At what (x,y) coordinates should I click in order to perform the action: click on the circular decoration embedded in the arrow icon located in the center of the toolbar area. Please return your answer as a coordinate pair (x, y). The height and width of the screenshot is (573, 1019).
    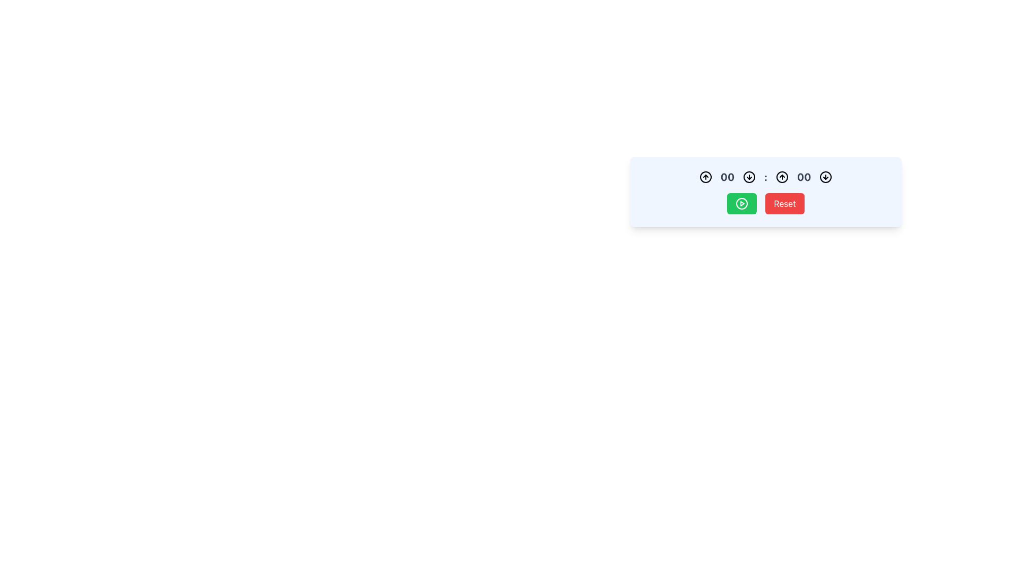
    Looking at the image, I should click on (782, 177).